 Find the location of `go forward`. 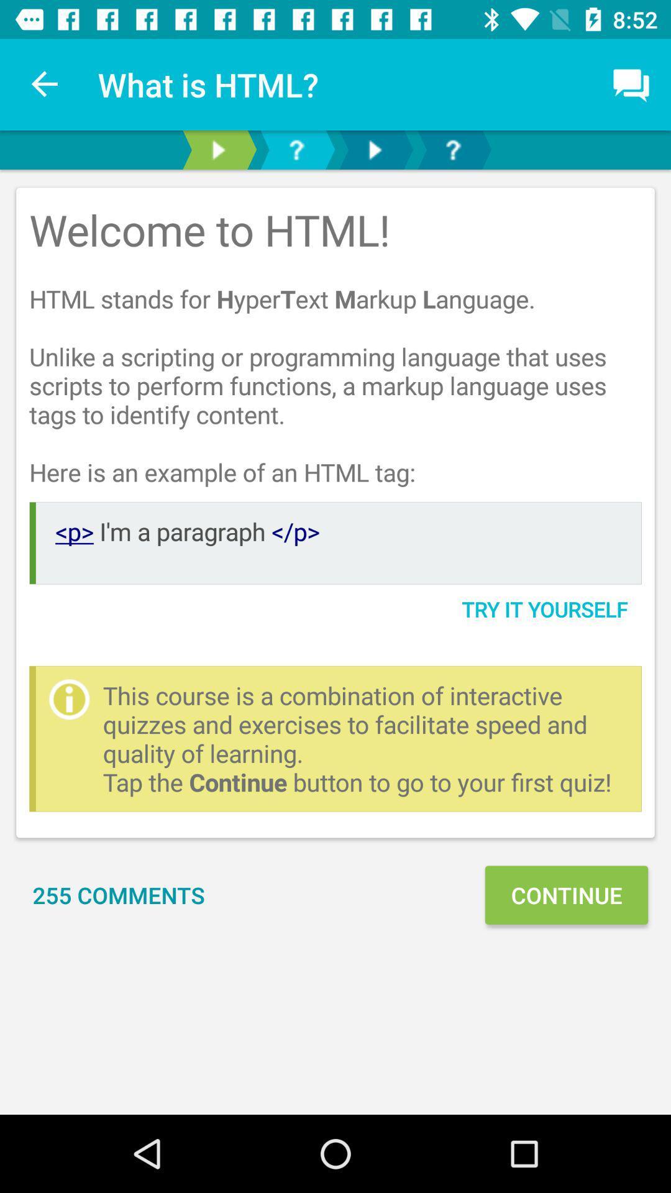

go forward is located at coordinates (373, 149).